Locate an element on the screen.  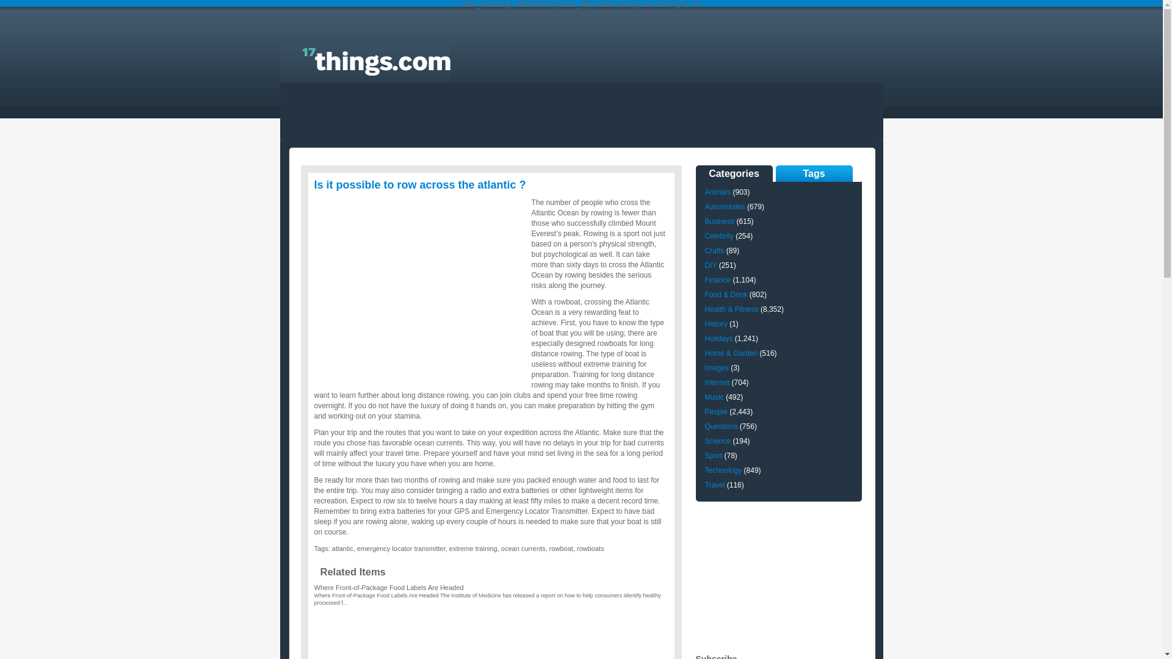
'Home & Garden' is located at coordinates (731, 353).